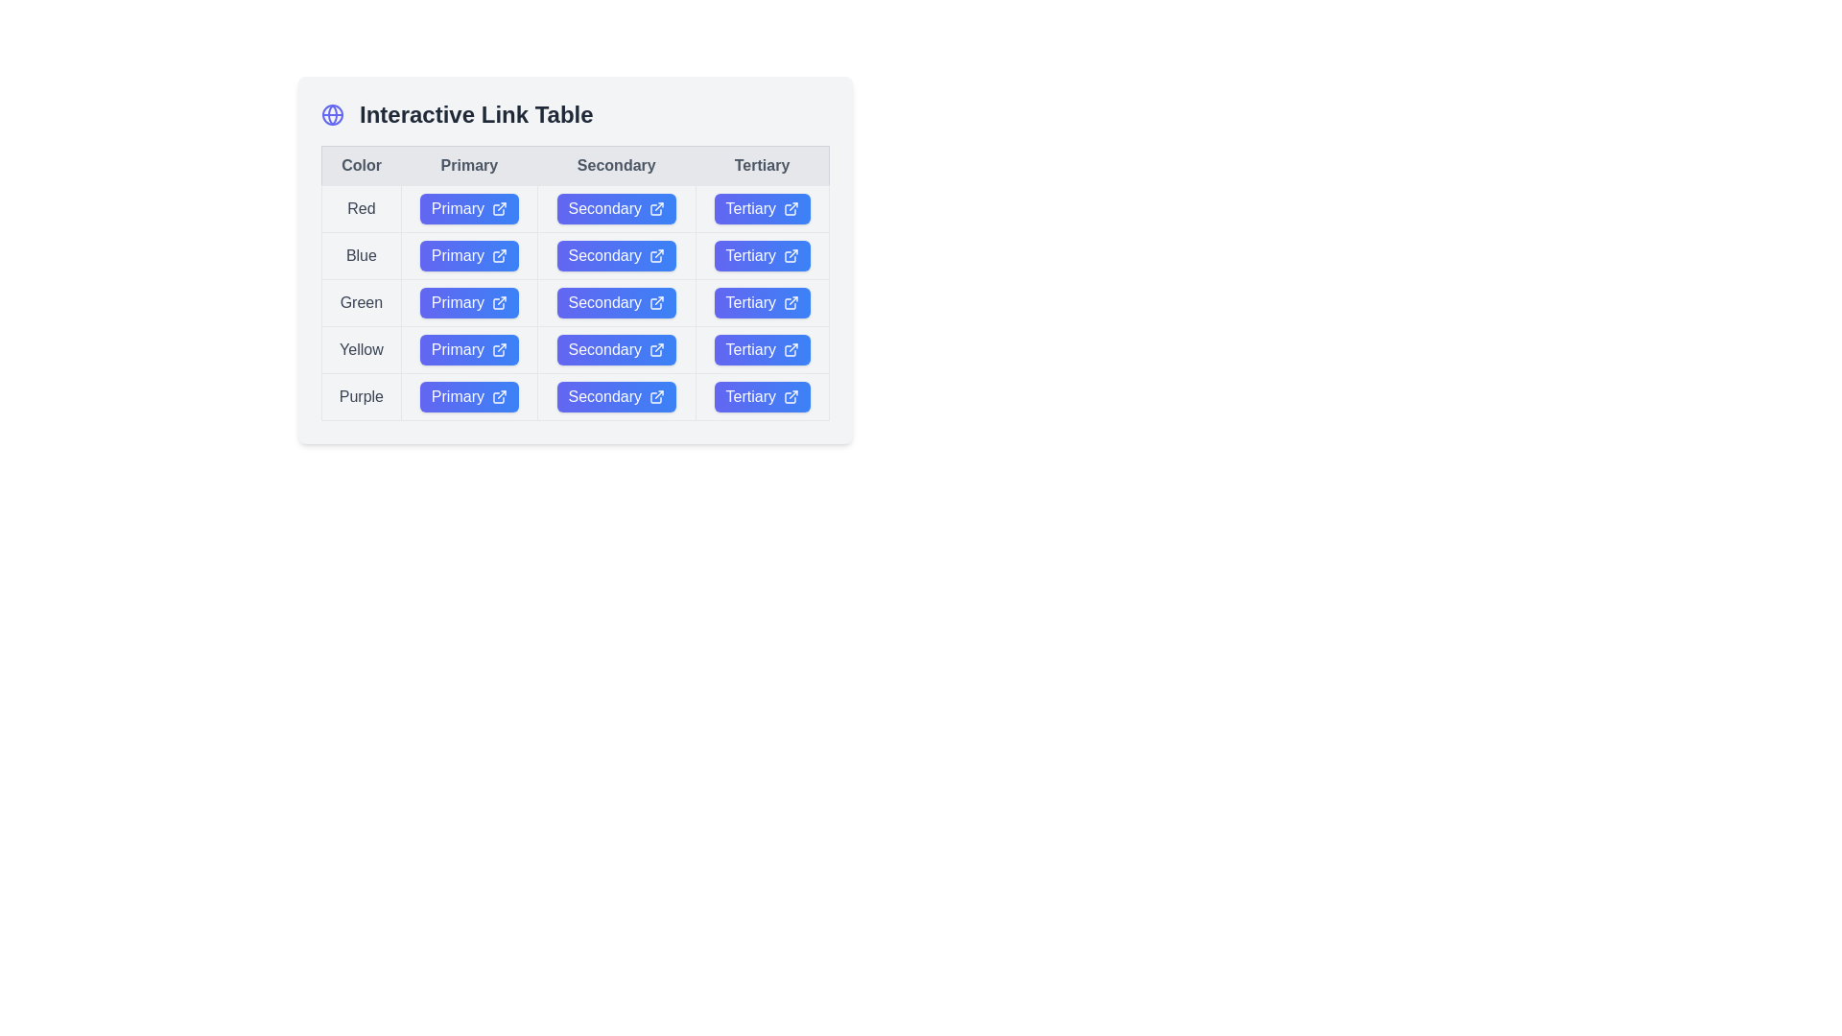 The width and height of the screenshot is (1842, 1036). I want to click on the 'Secondary' button, so click(616, 350).